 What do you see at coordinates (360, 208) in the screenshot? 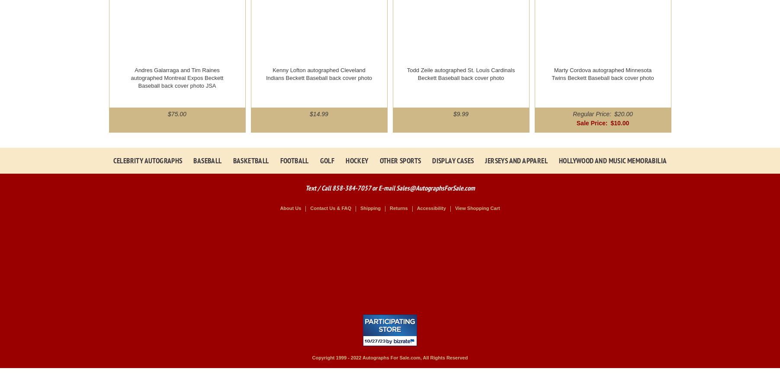
I see `'Shipping'` at bounding box center [360, 208].